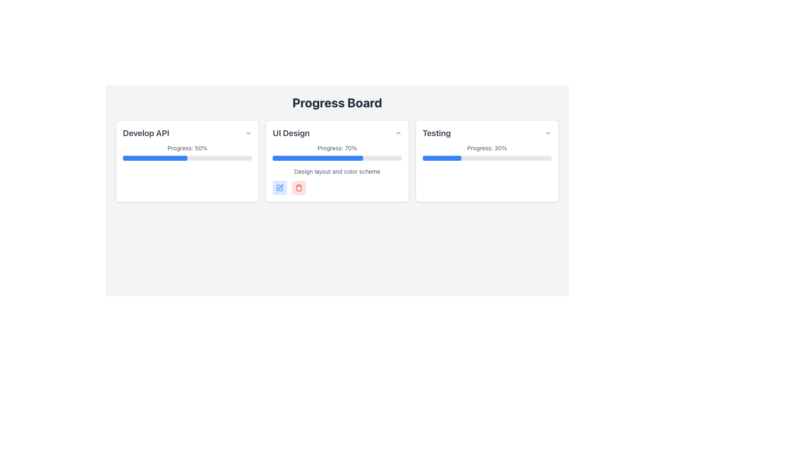 This screenshot has width=803, height=451. Describe the element at coordinates (299, 188) in the screenshot. I see `the trash can icon in the 'UI Design' progress card` at that location.